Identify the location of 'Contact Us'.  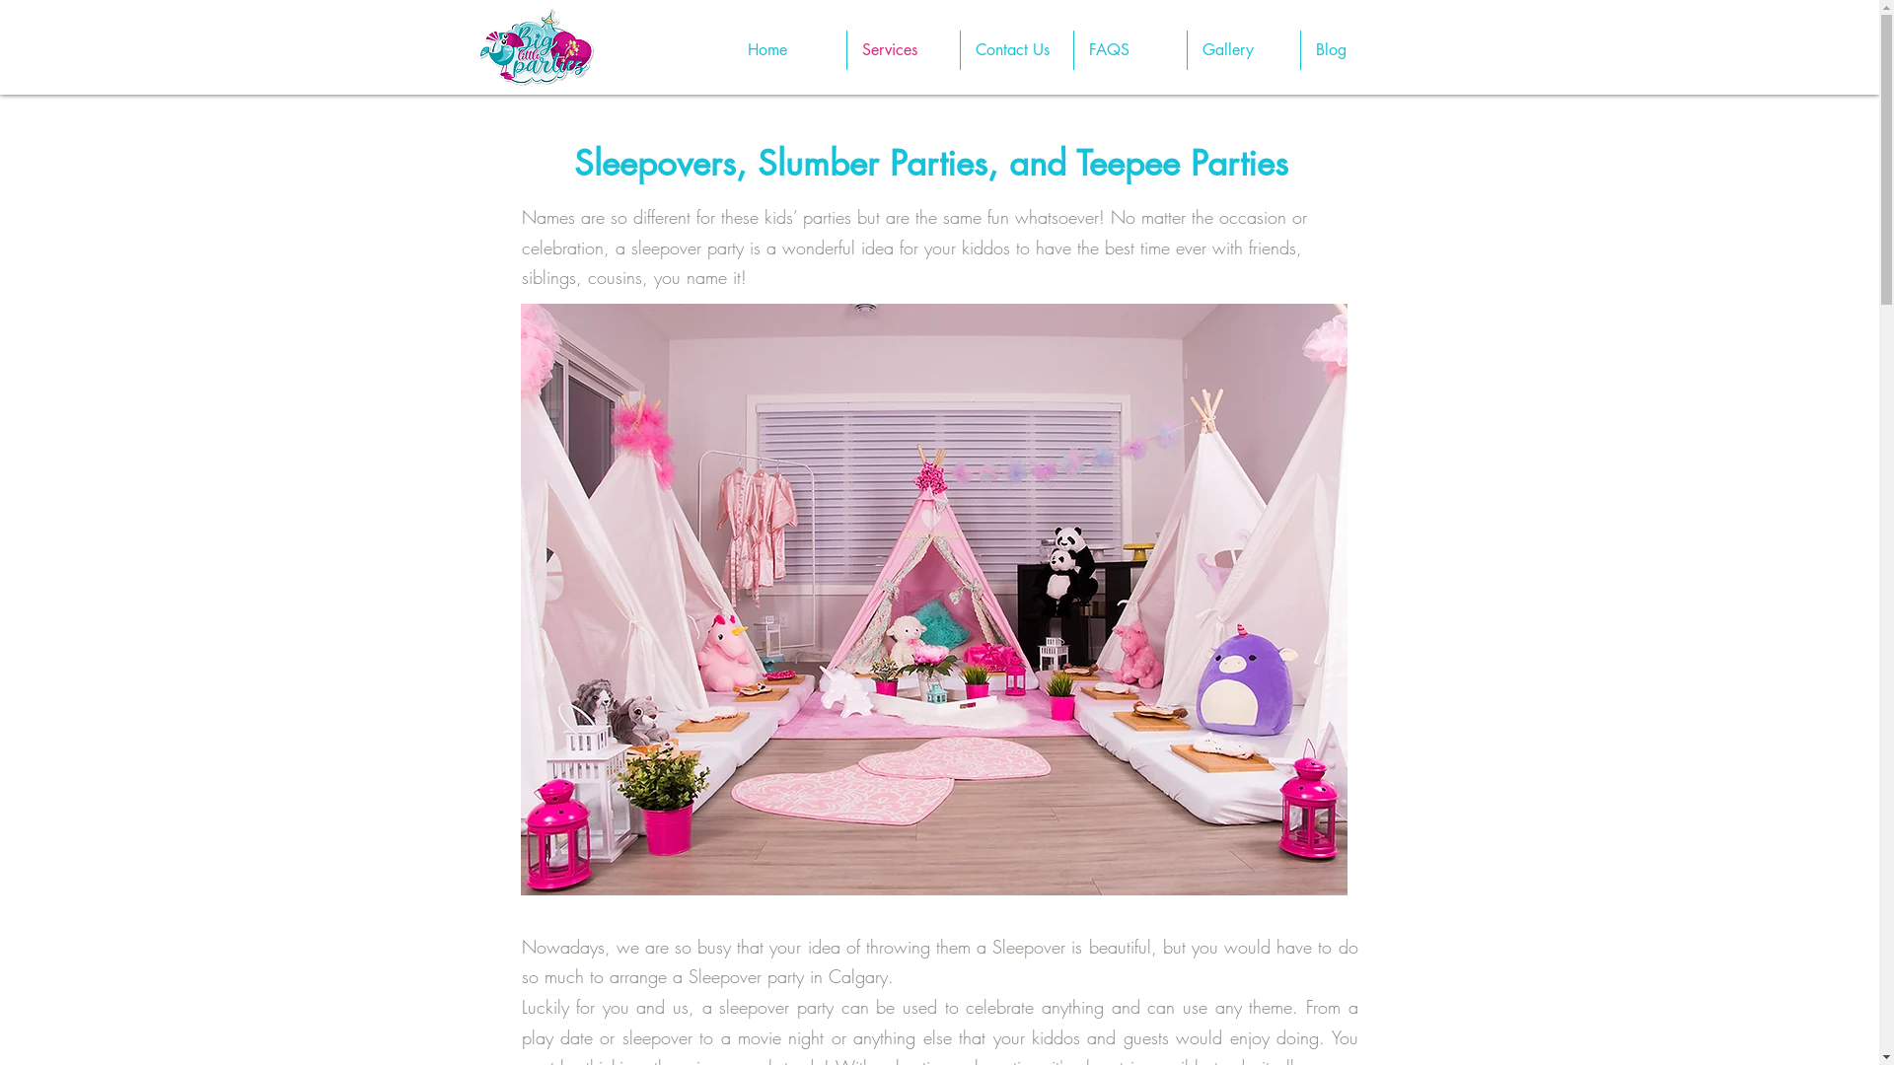
(961, 48).